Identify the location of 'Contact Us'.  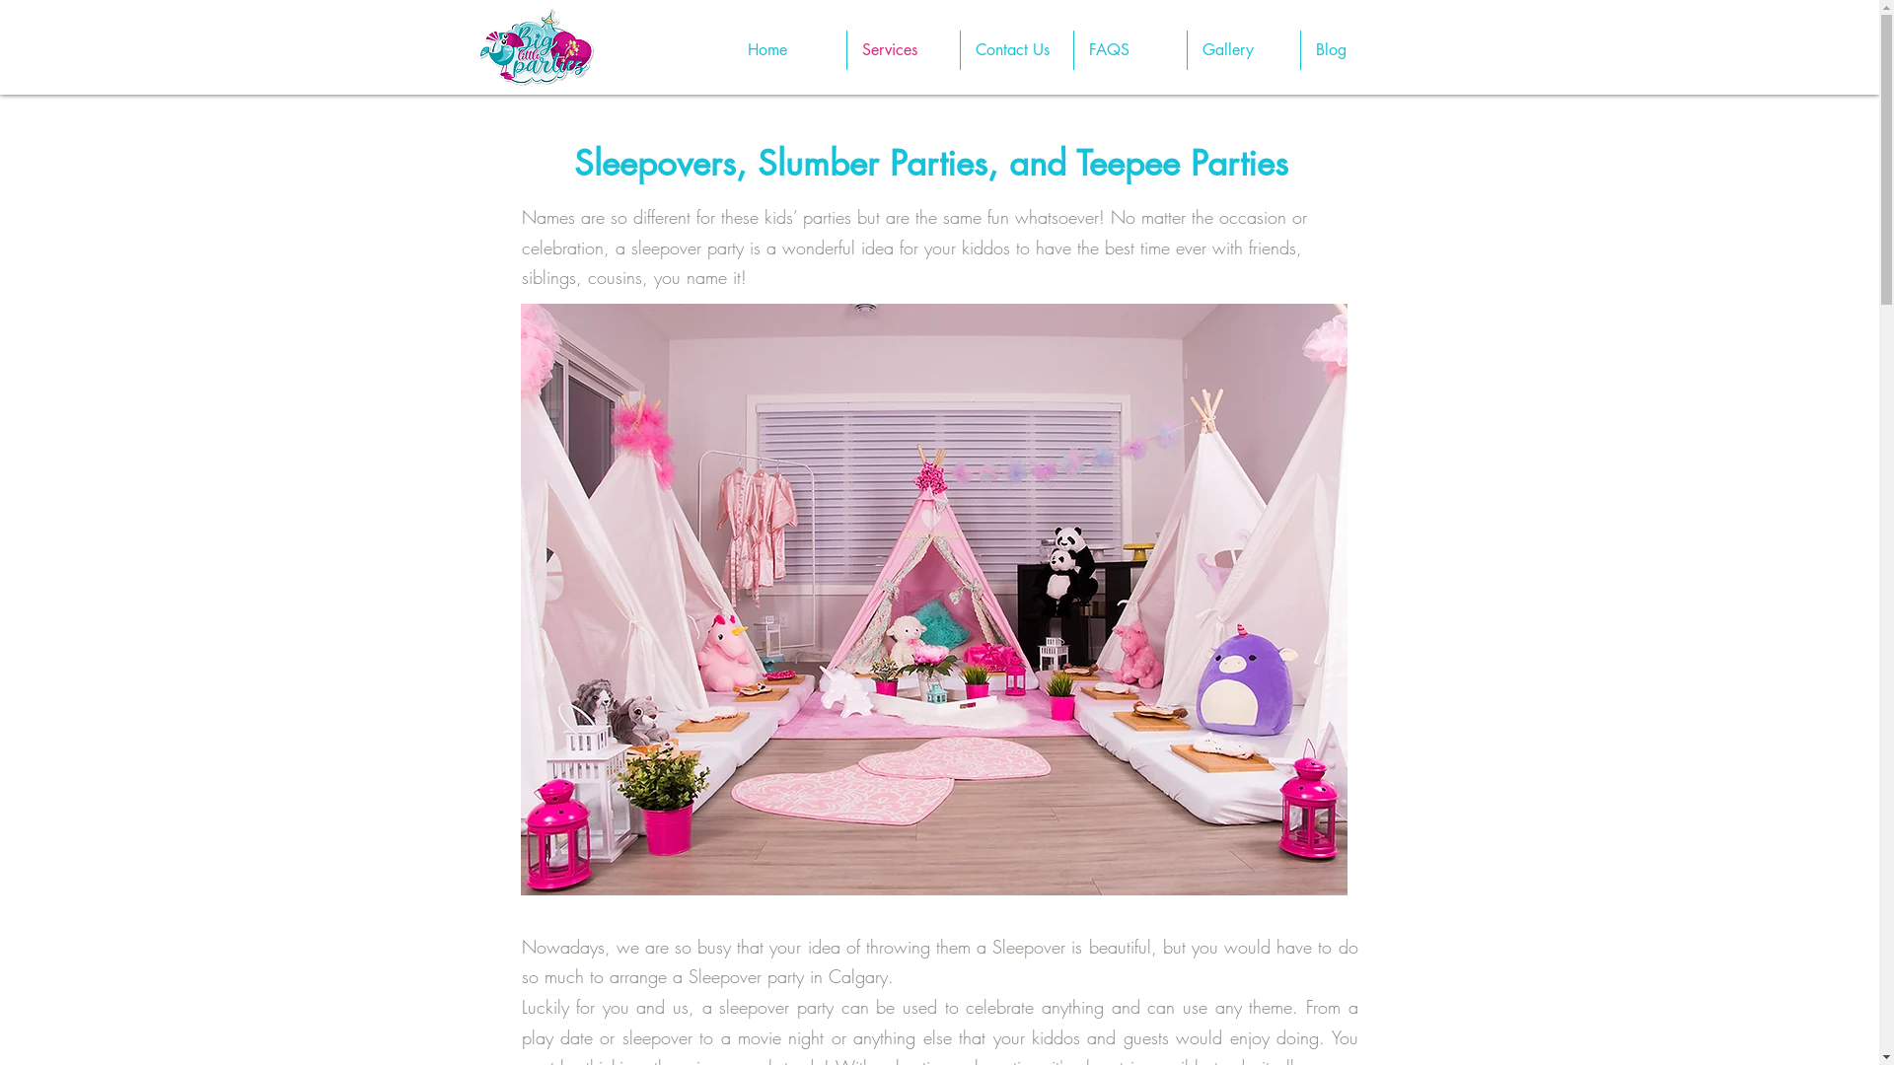
(961, 48).